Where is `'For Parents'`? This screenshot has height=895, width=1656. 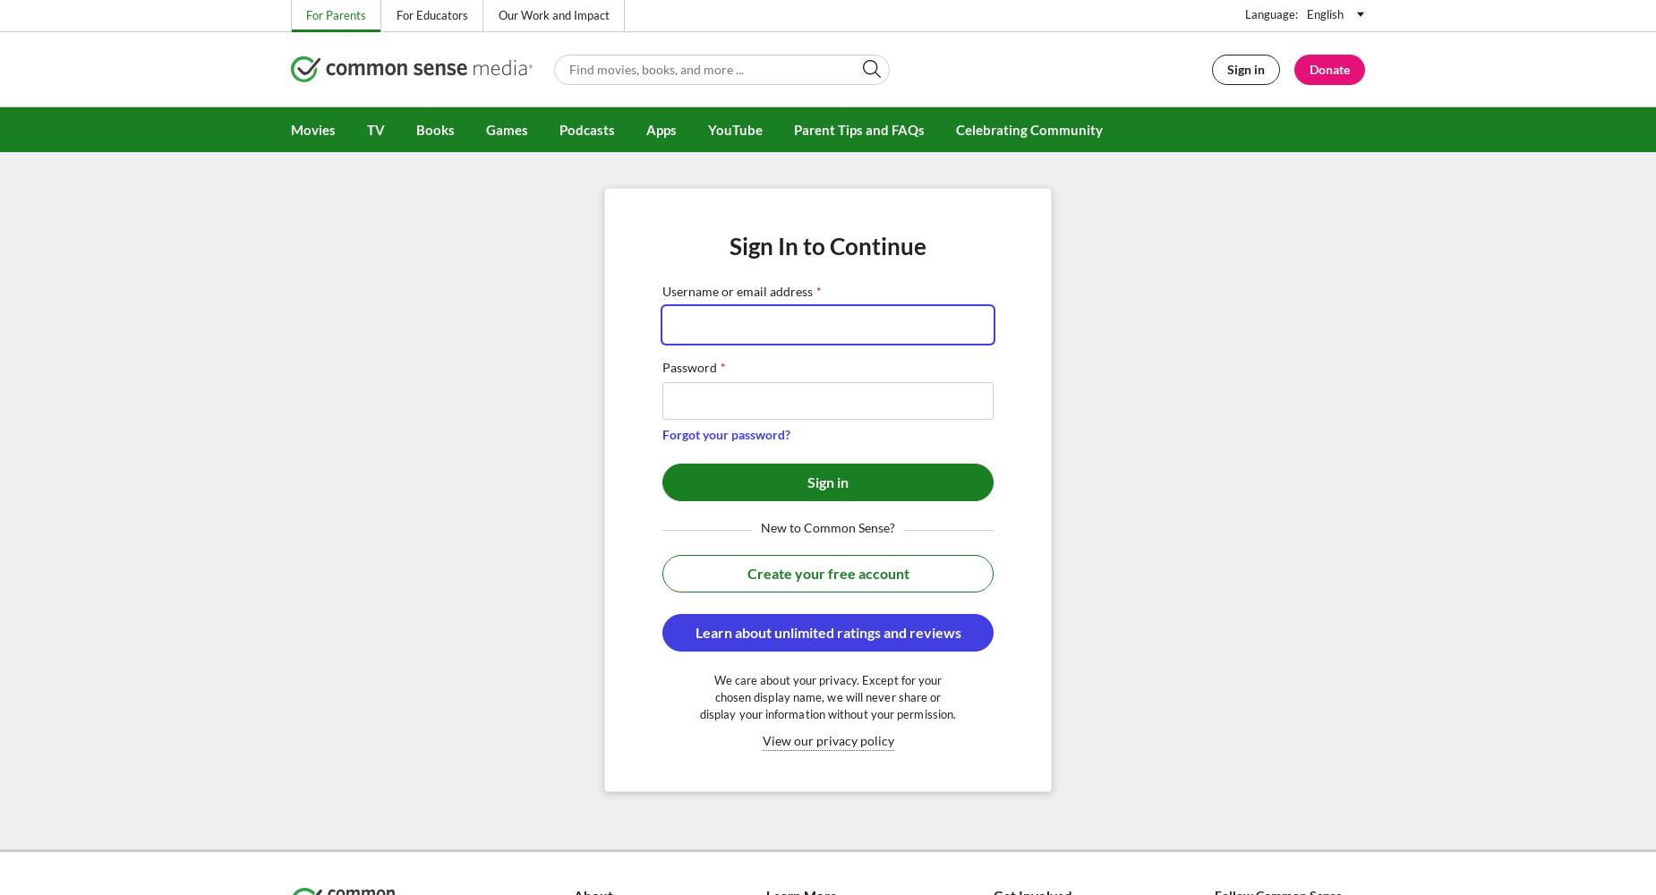
'For Parents' is located at coordinates (335, 15).